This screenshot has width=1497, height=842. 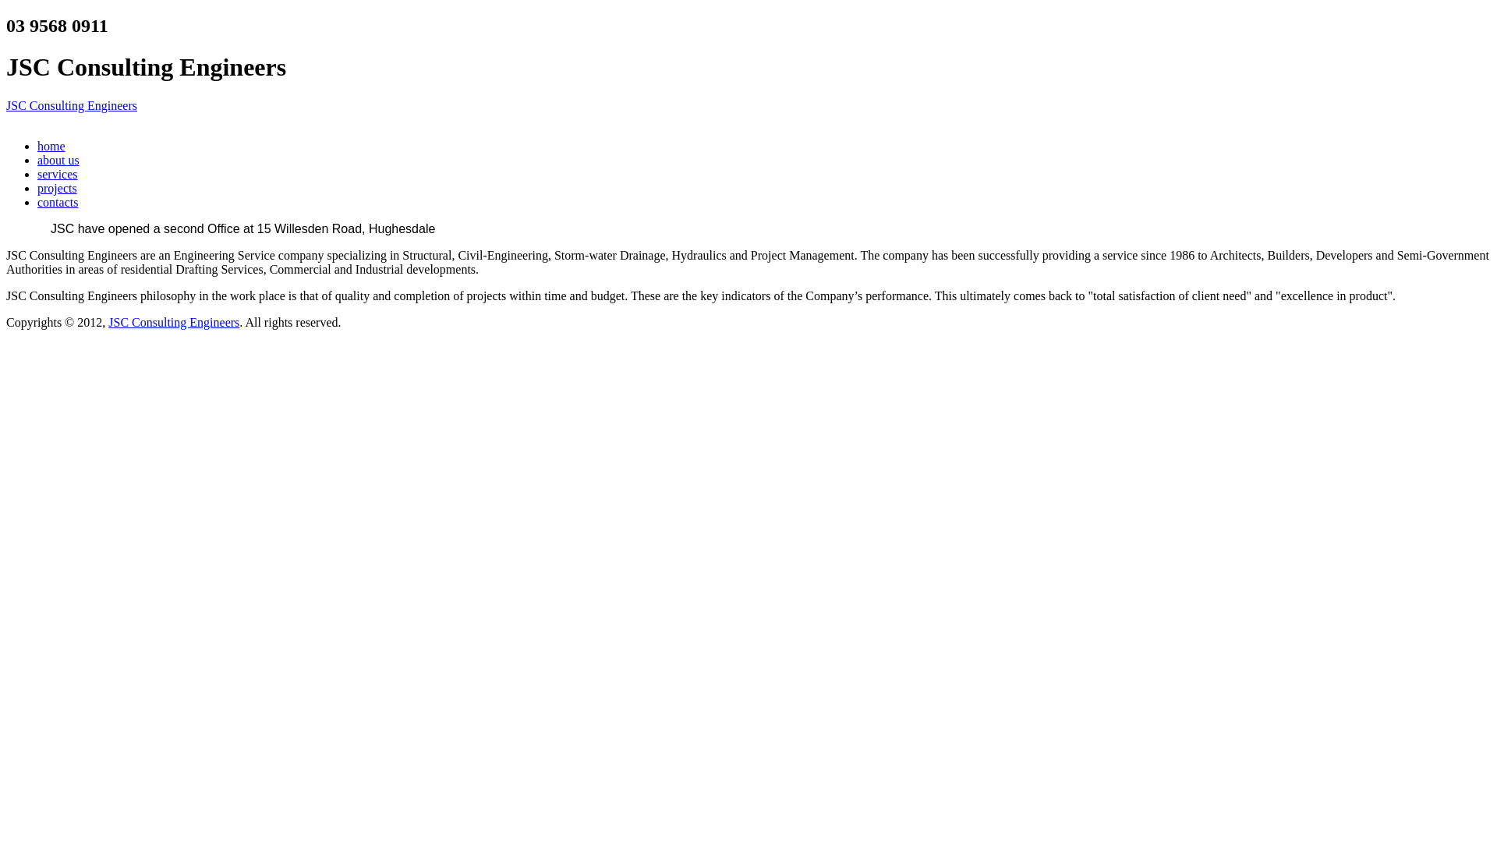 What do you see at coordinates (70, 105) in the screenshot?
I see `'JSC Consulting Engineers'` at bounding box center [70, 105].